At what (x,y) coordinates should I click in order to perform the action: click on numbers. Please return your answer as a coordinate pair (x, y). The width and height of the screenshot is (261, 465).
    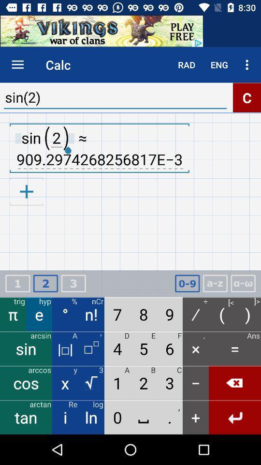
    Looking at the image, I should click on (187, 283).